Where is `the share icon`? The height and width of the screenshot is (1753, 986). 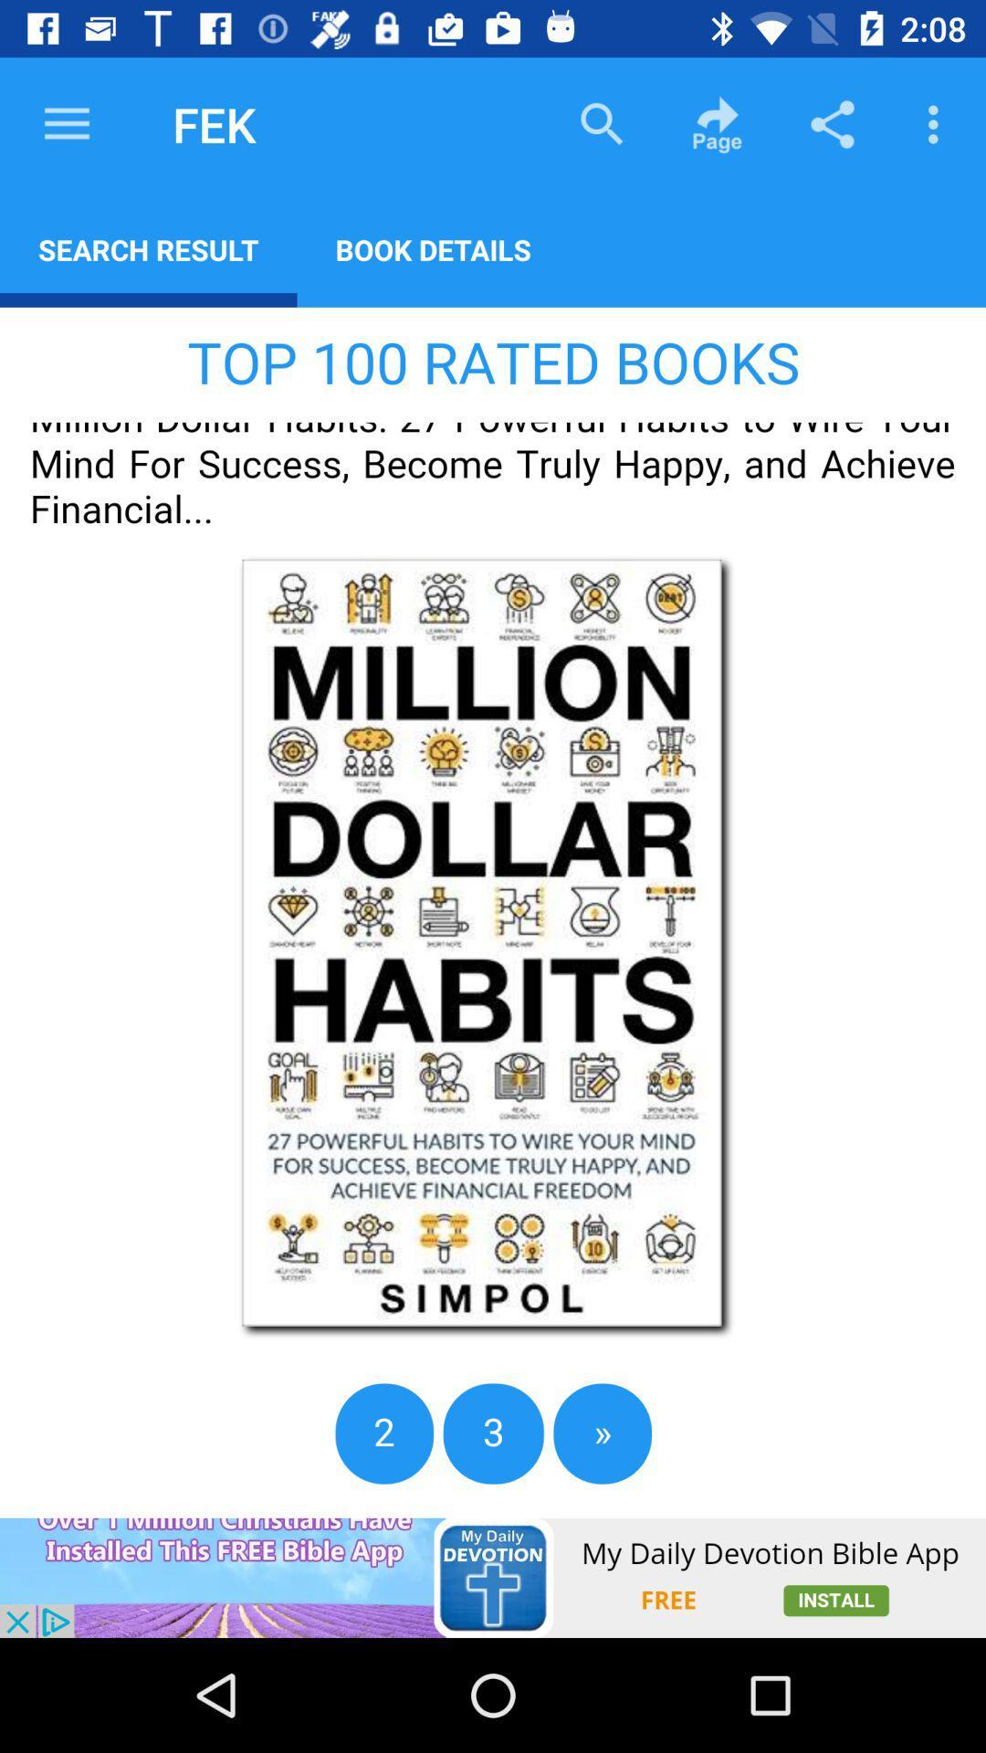 the share icon is located at coordinates (832, 123).